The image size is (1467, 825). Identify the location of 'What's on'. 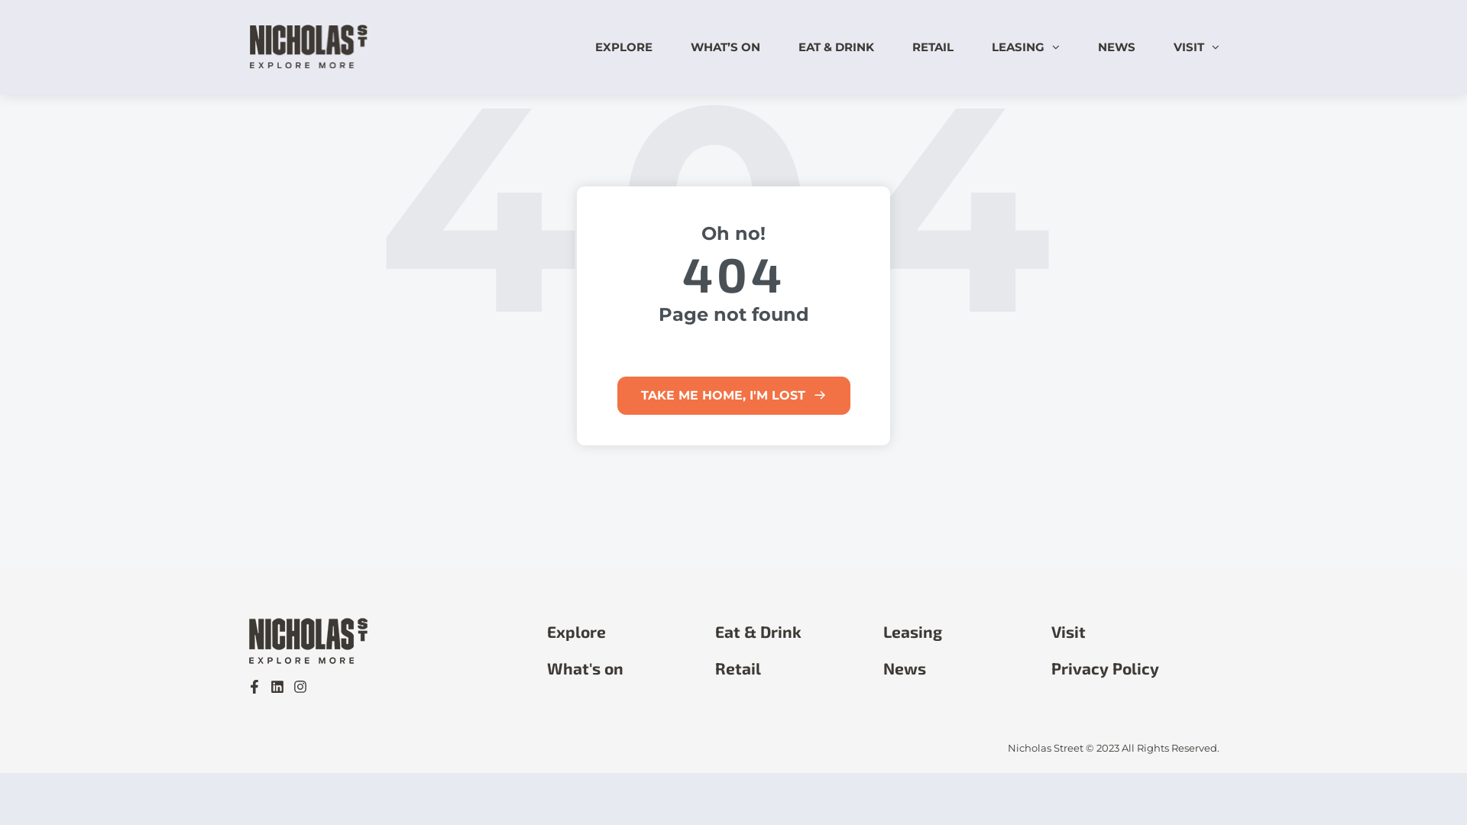
(585, 668).